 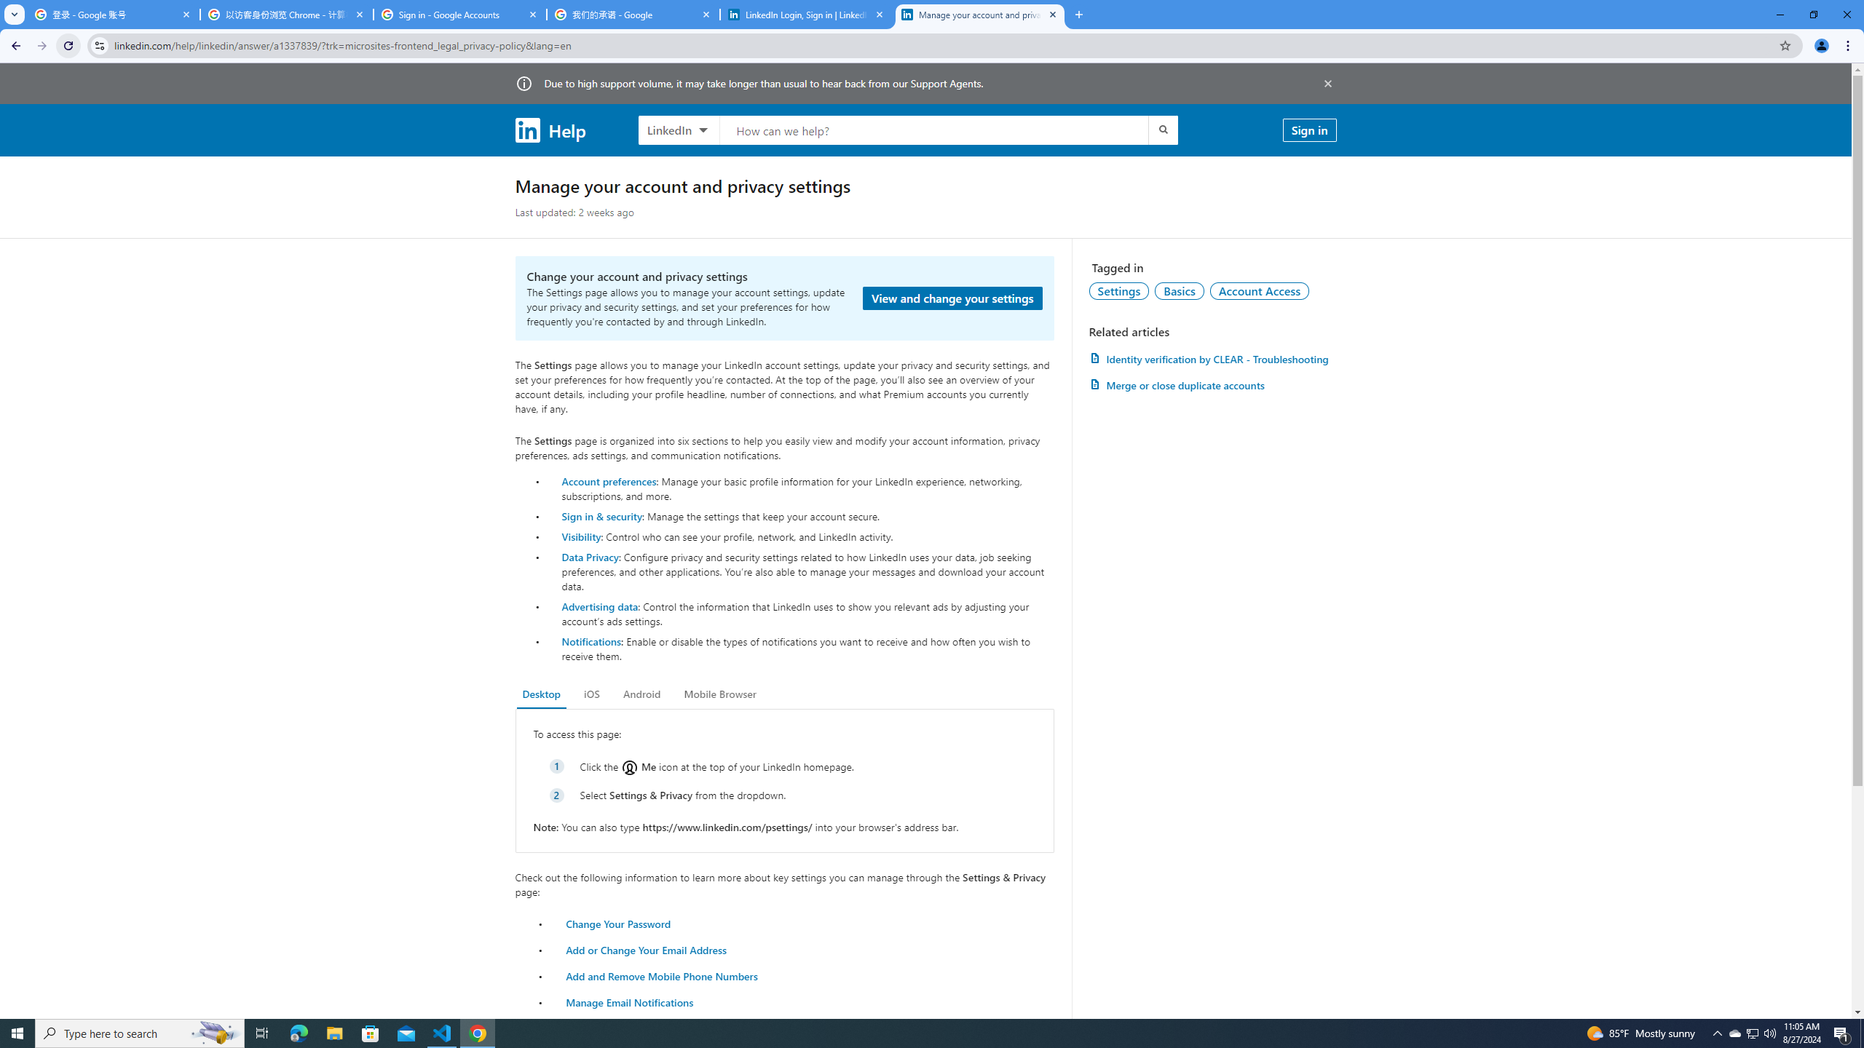 What do you see at coordinates (647, 948) in the screenshot?
I see `'Add or Change Your Email Address'` at bounding box center [647, 948].